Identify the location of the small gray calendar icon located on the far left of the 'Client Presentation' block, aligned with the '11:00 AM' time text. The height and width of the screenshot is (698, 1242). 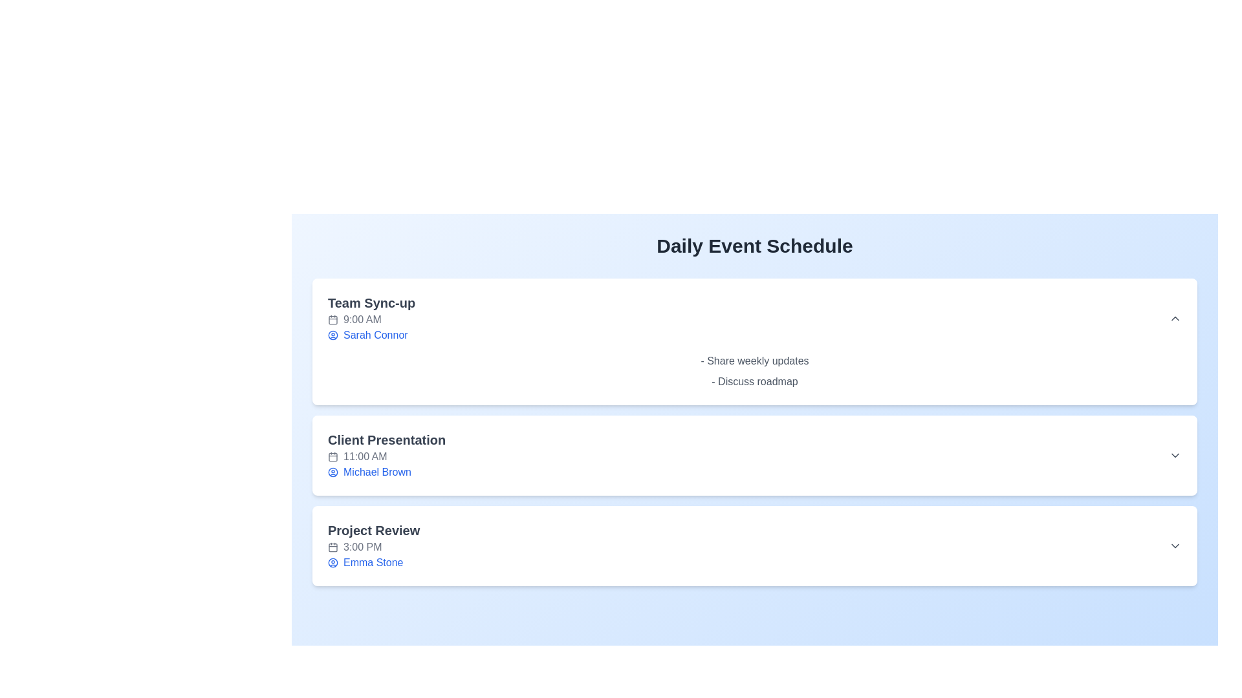
(332, 456).